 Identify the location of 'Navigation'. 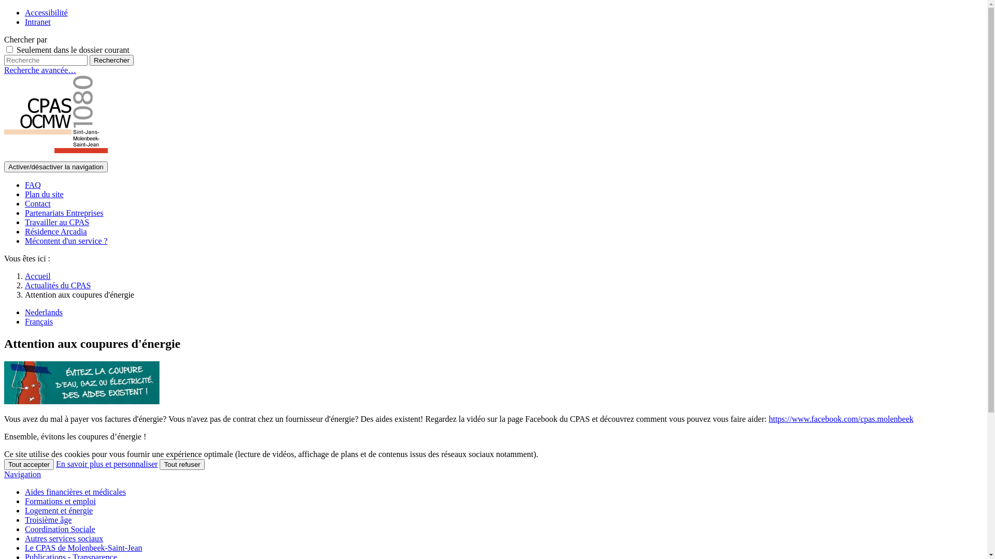
(22, 474).